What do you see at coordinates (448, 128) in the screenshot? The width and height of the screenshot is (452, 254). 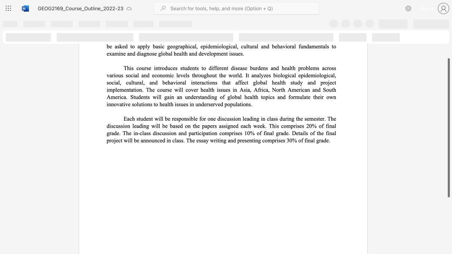 I see `the scrollbar and move up 90 pixels` at bounding box center [448, 128].